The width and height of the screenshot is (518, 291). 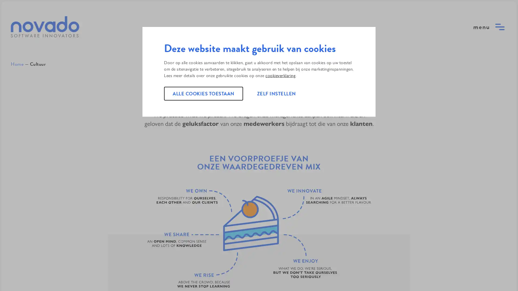 What do you see at coordinates (489, 27) in the screenshot?
I see `open menu` at bounding box center [489, 27].